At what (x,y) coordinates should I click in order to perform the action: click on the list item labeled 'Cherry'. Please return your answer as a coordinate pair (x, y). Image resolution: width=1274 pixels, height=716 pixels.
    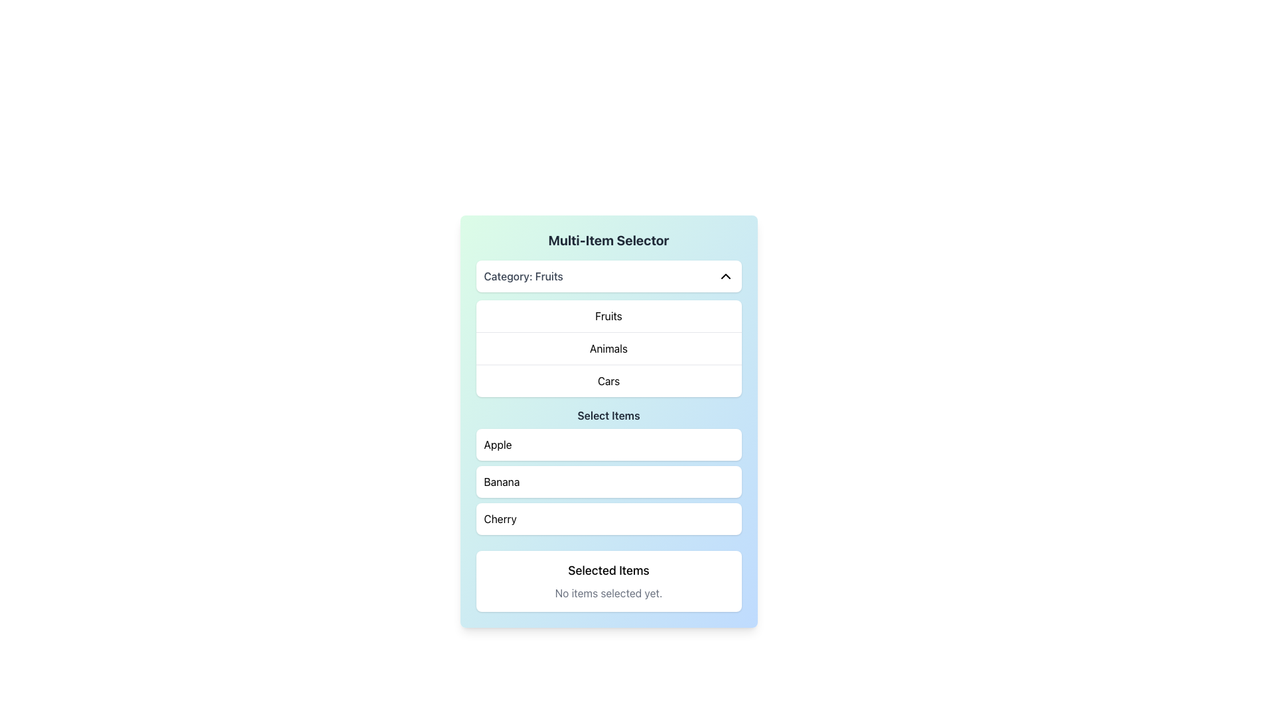
    Looking at the image, I should click on (608, 518).